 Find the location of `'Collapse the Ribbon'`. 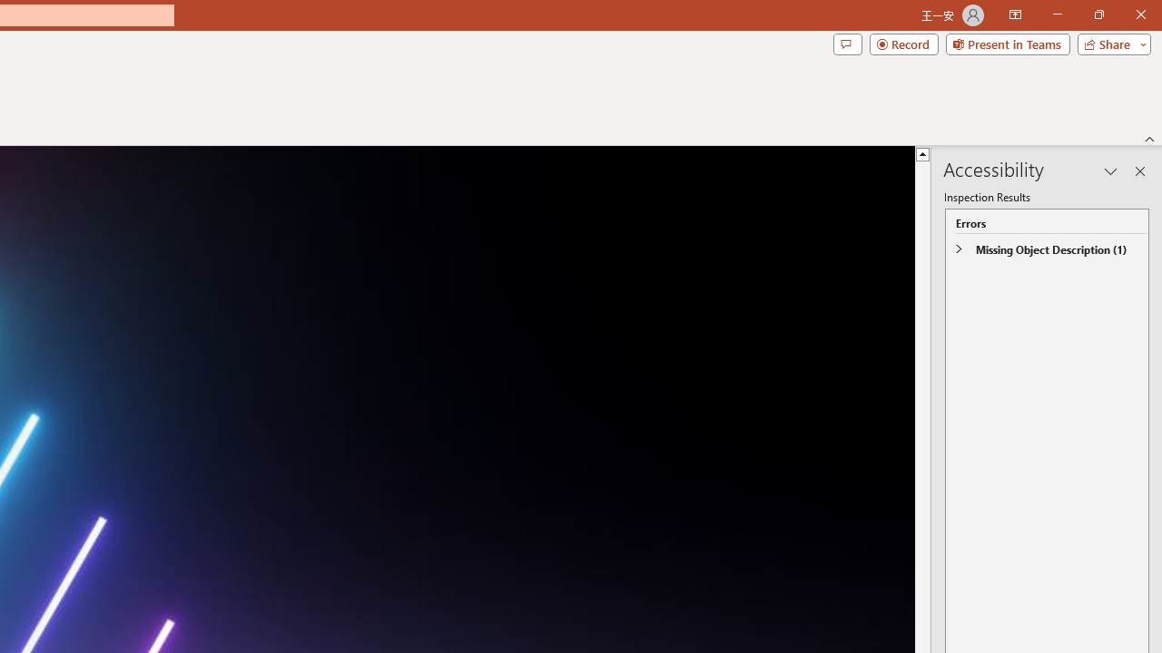

'Collapse the Ribbon' is located at coordinates (1149, 138).